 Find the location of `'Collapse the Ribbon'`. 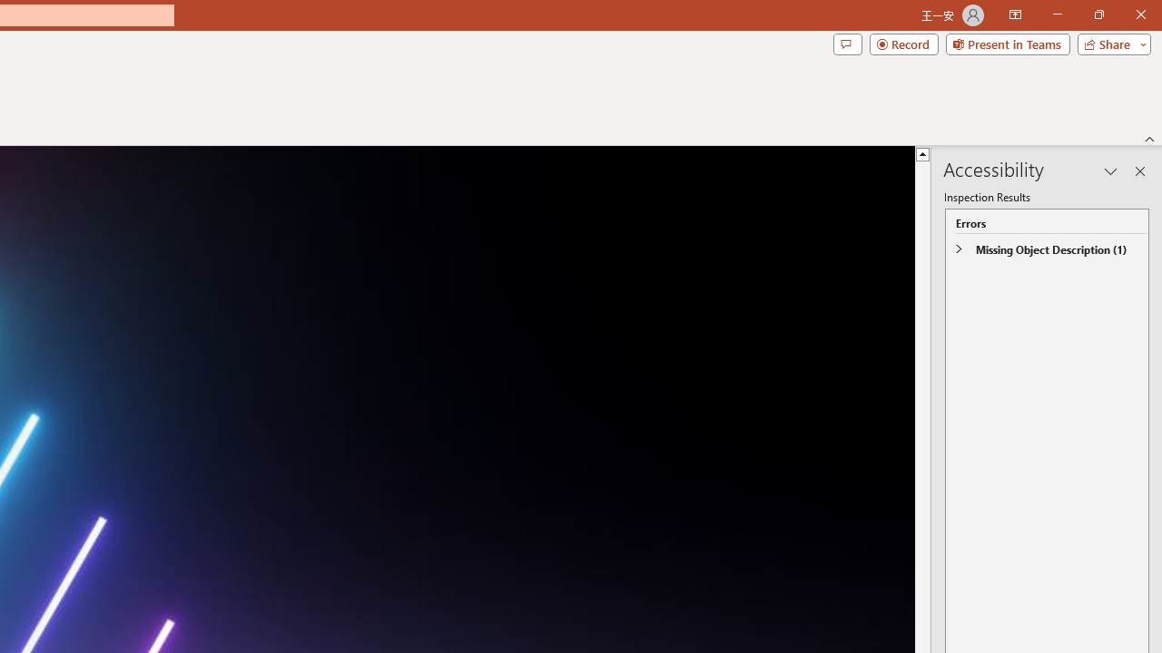

'Collapse the Ribbon' is located at coordinates (1149, 138).